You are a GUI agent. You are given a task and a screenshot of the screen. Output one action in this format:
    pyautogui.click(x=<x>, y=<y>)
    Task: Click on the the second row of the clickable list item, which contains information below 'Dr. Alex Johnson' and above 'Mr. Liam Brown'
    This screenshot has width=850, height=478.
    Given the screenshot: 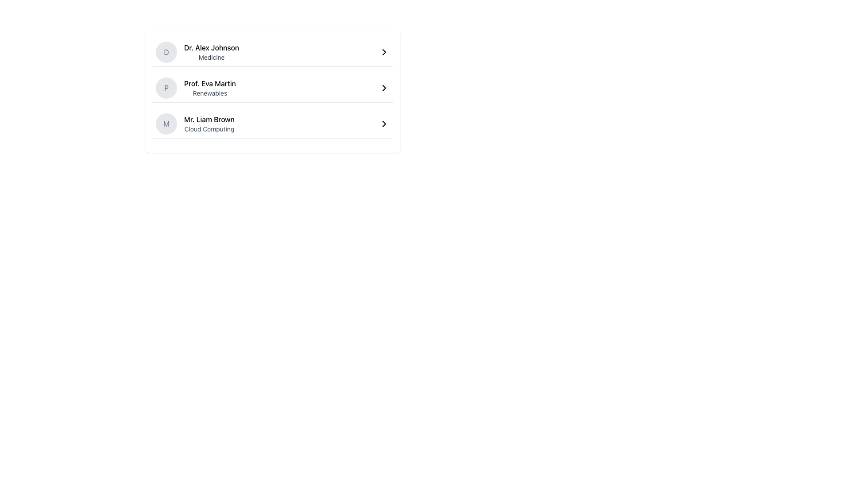 What is the action you would take?
    pyautogui.click(x=272, y=92)
    